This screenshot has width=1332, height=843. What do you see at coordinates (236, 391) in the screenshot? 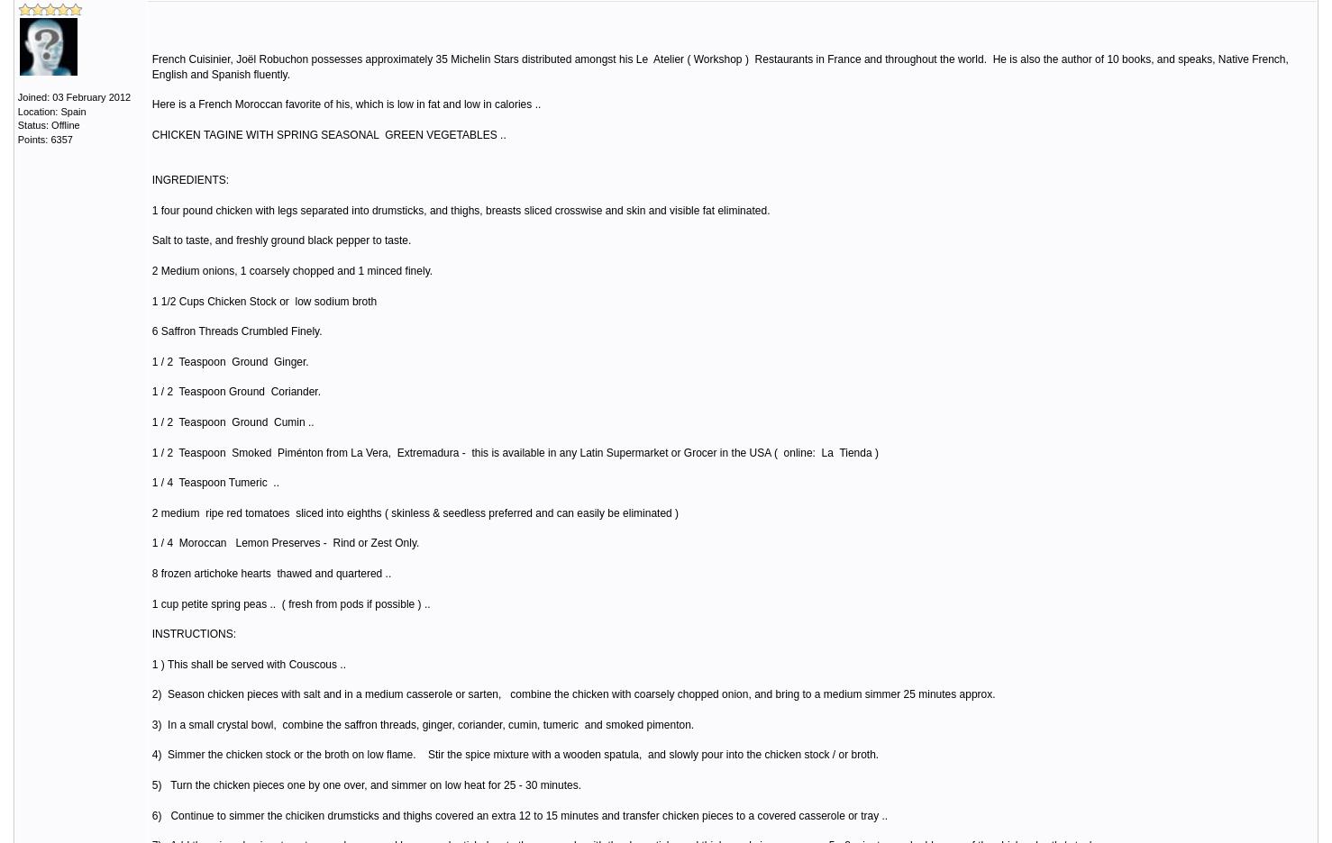
I see `'1 / 2  Teaspoon Ground  Coriander.'` at bounding box center [236, 391].